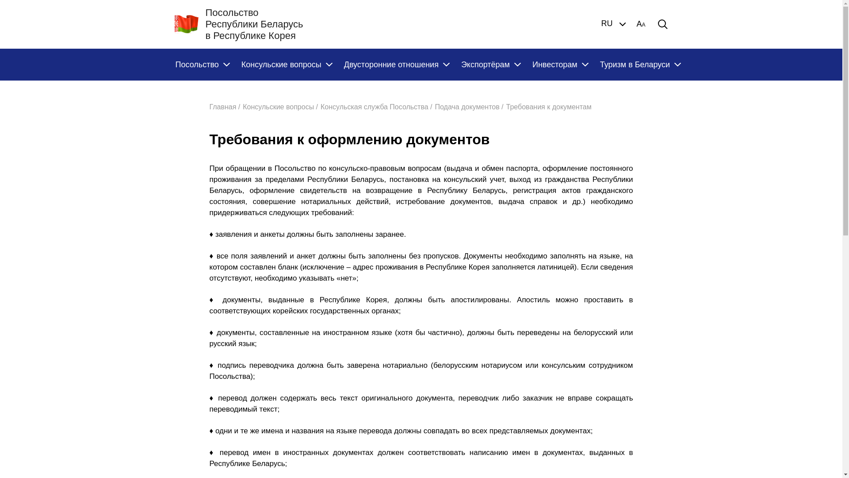 This screenshot has height=478, width=849. I want to click on 'AA', so click(641, 23).